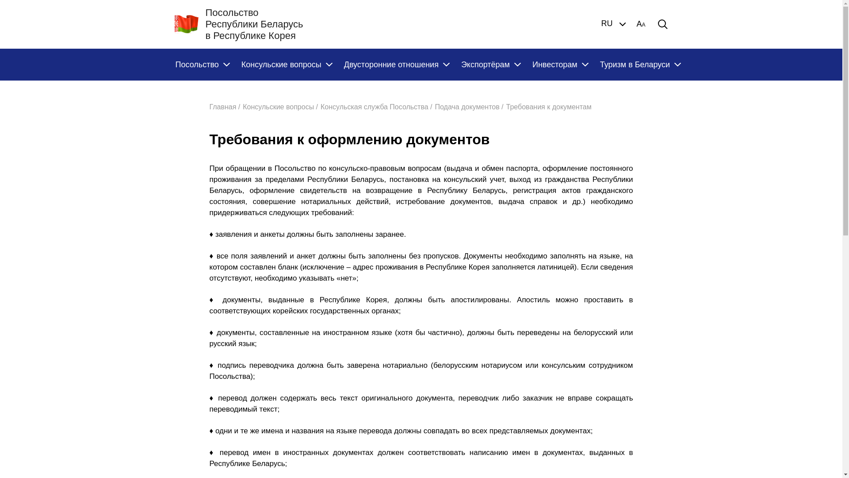 This screenshot has height=478, width=849. I want to click on 'AA', so click(641, 23).